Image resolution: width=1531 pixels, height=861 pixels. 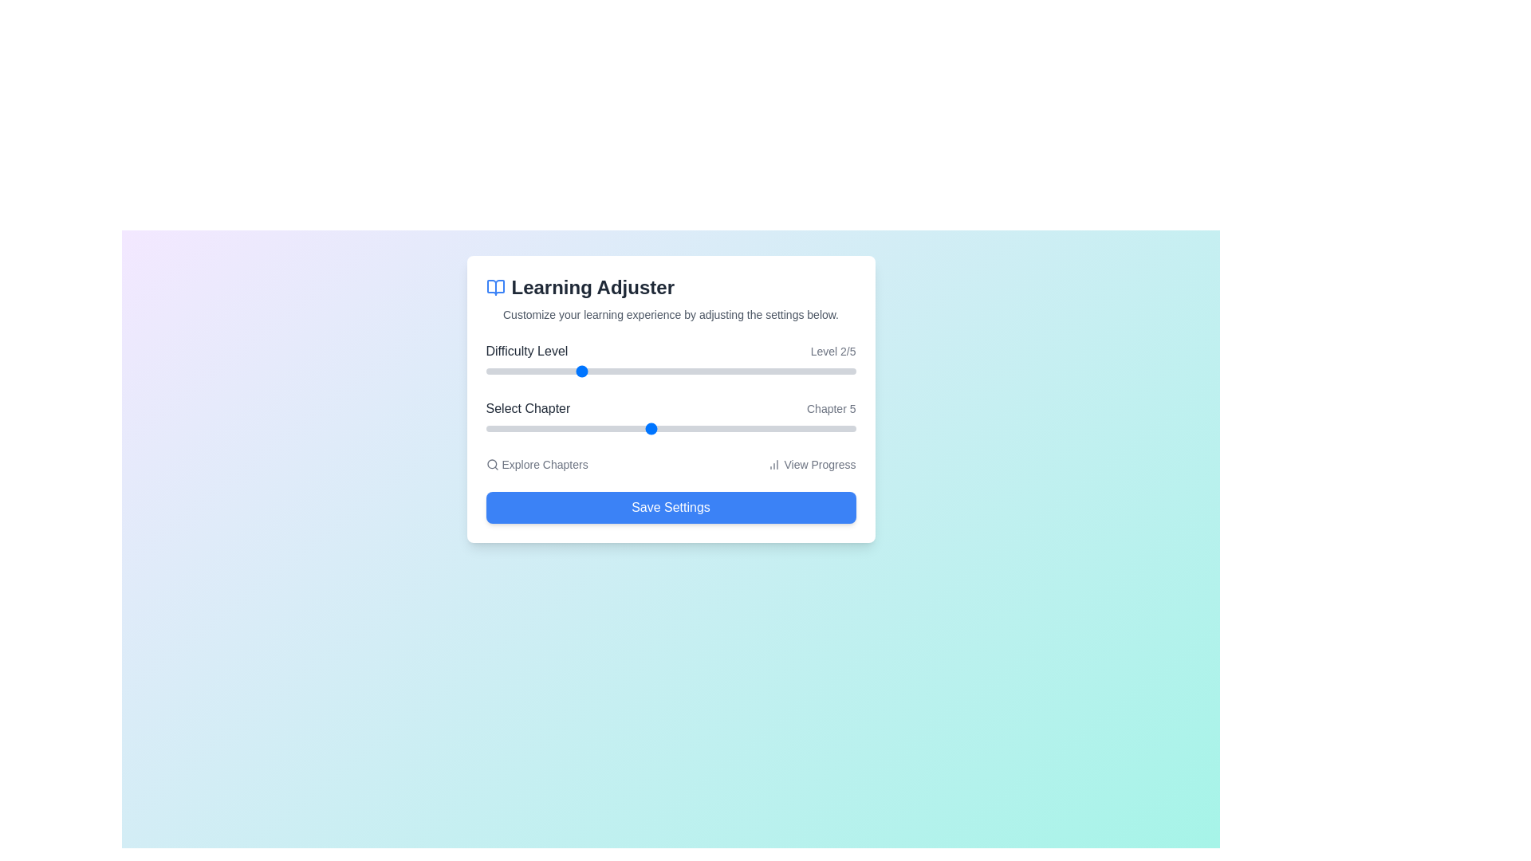 I want to click on the chapter selection slider, so click(x=650, y=427).